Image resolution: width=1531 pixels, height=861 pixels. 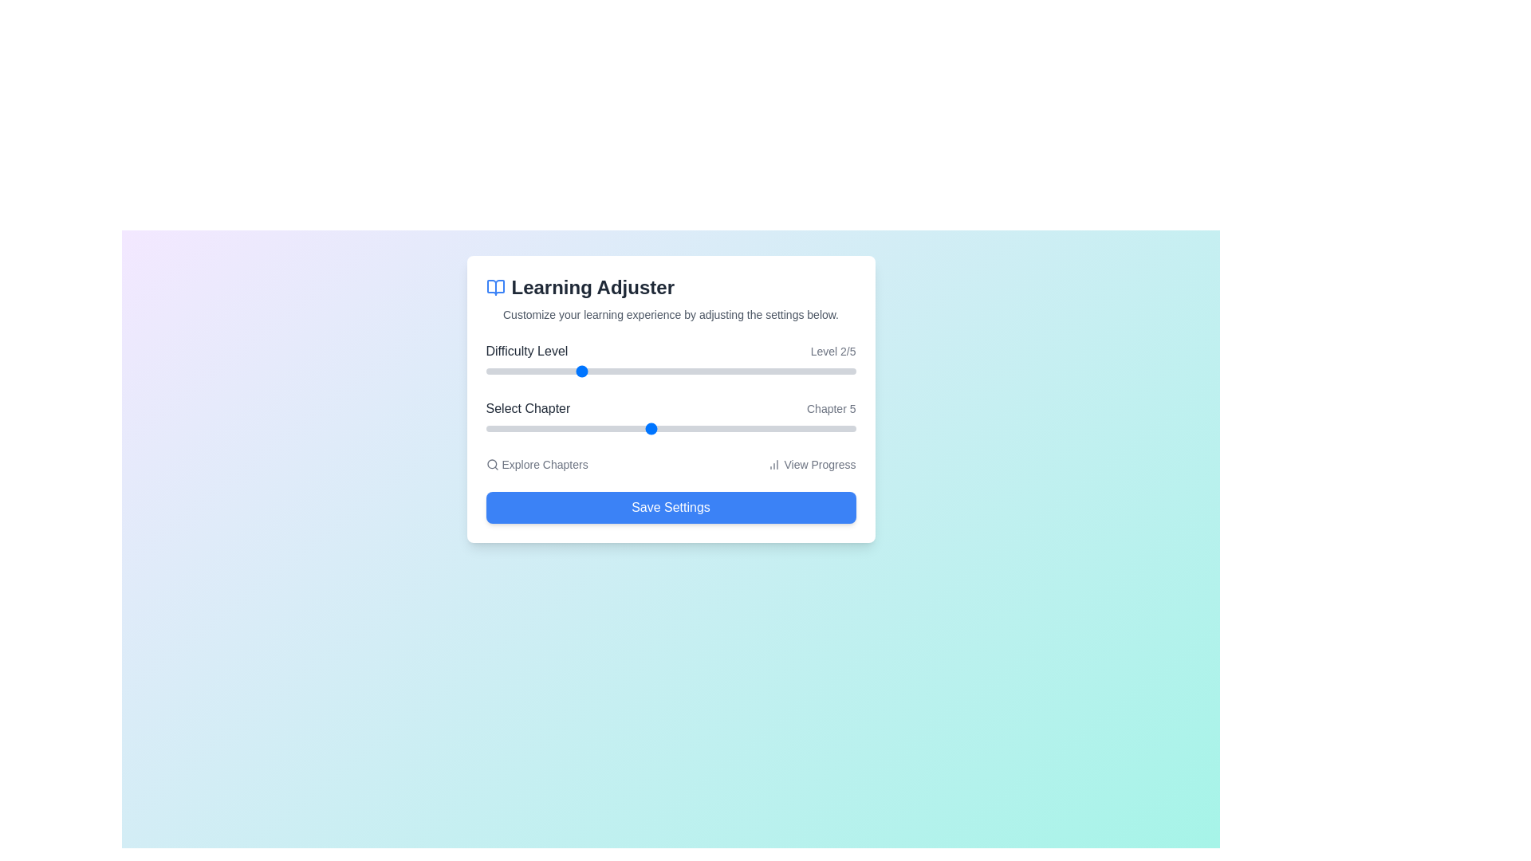 I want to click on the chapter selection slider, so click(x=650, y=427).